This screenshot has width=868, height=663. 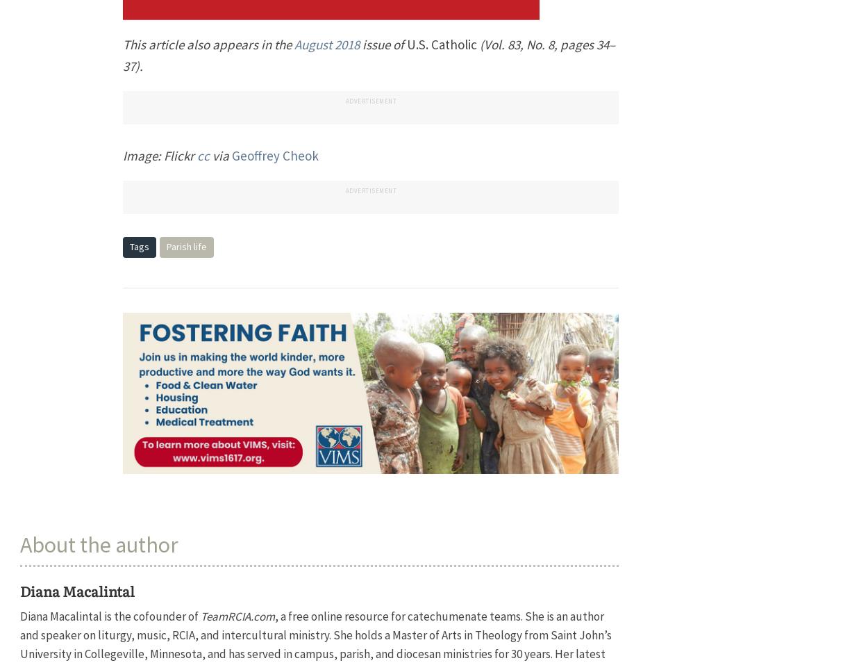 What do you see at coordinates (123, 154) in the screenshot?
I see `'Image: Flickr'` at bounding box center [123, 154].